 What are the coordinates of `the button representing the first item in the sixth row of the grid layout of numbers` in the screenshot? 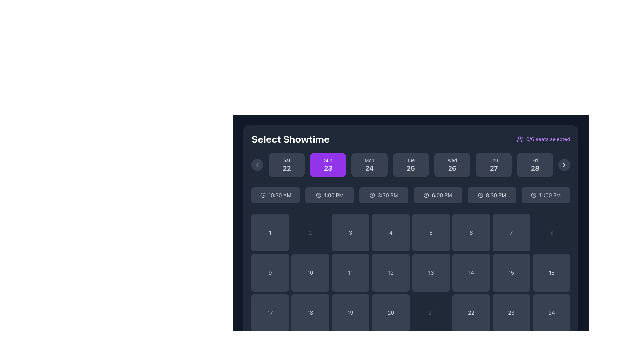 It's located at (270, 312).